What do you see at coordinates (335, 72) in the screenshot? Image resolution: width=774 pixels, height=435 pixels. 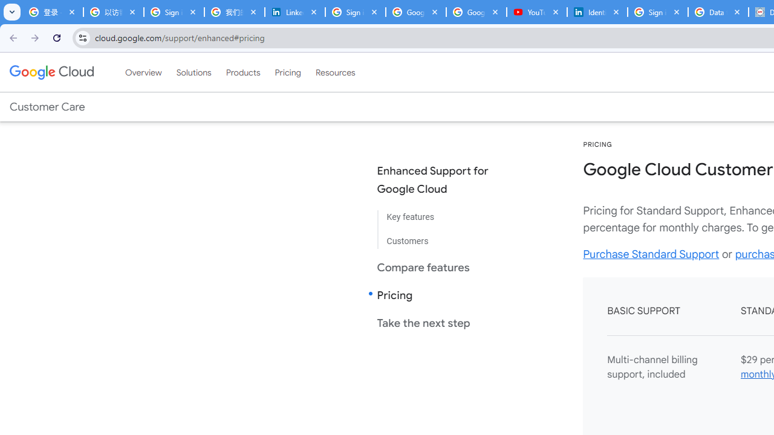 I see `'Resources'` at bounding box center [335, 72].